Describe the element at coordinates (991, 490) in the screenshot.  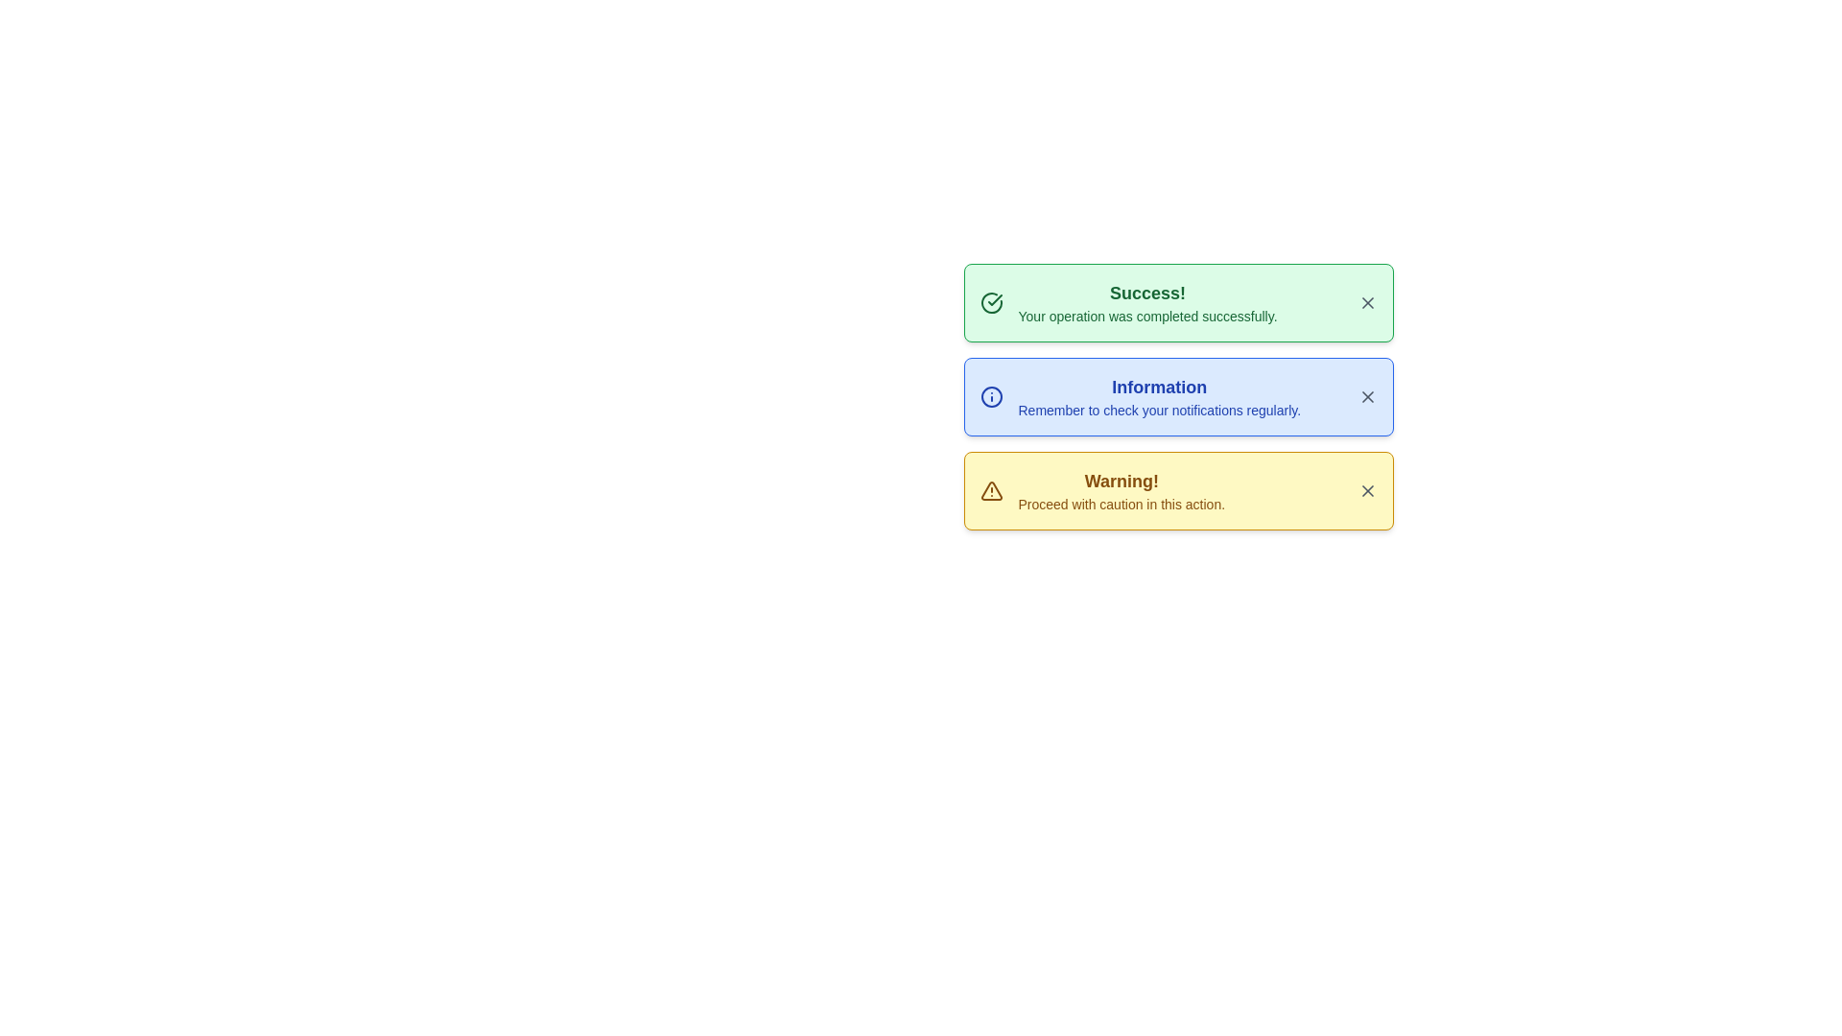
I see `the alert icon located in the bottom-left corner of the yellow alert box titled 'Warning!'` at that location.